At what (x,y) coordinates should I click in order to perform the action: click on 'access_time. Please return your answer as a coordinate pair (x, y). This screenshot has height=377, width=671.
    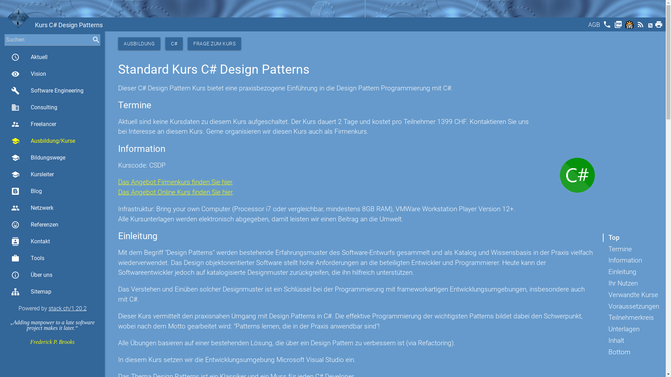
    Looking at the image, I should click on (52, 57).